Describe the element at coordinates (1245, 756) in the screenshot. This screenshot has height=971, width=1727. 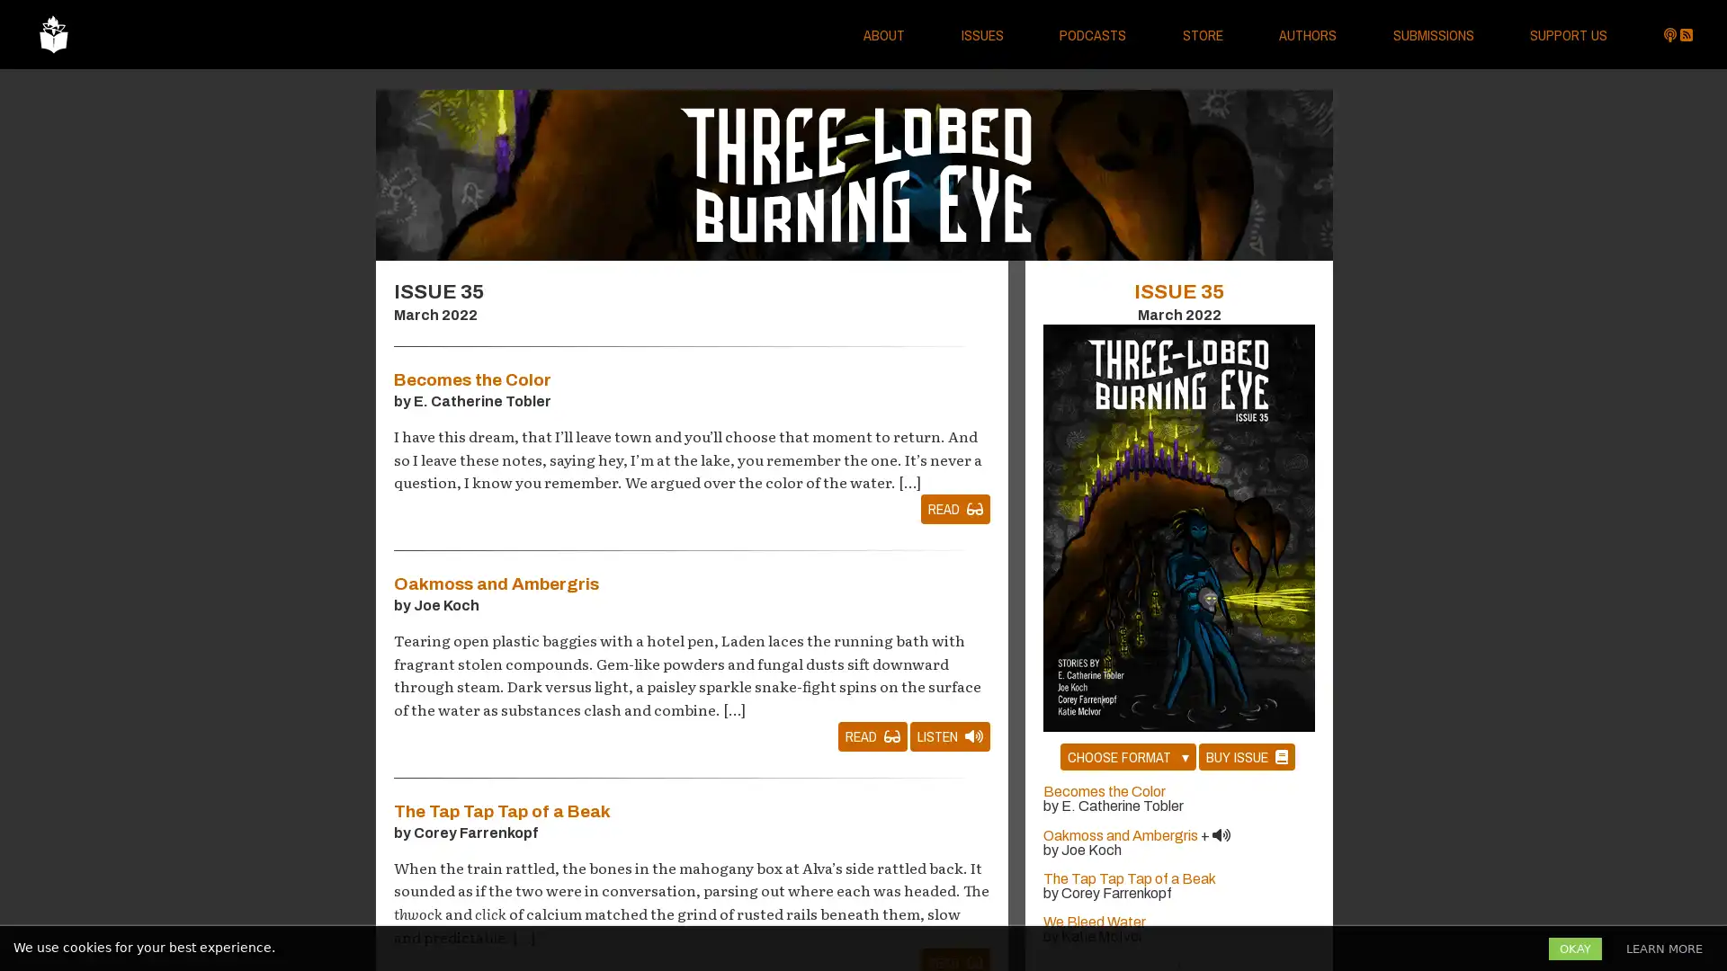
I see `BUY ISSUE` at that location.